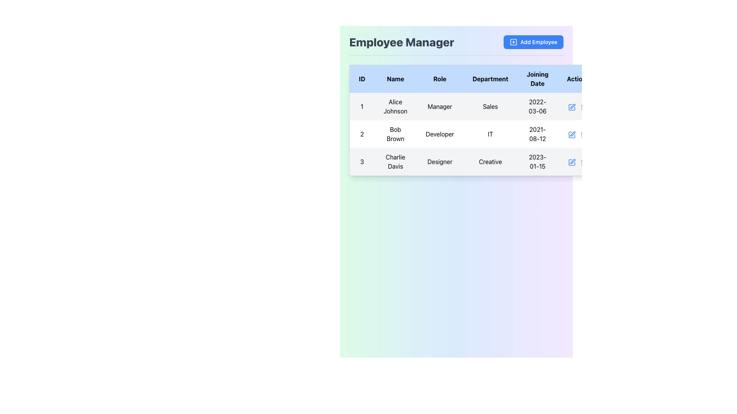  What do you see at coordinates (361, 134) in the screenshot?
I see `the static text label component that identifies the second record in the Employee Manager table, located in the first column under the 'ID' heading` at bounding box center [361, 134].